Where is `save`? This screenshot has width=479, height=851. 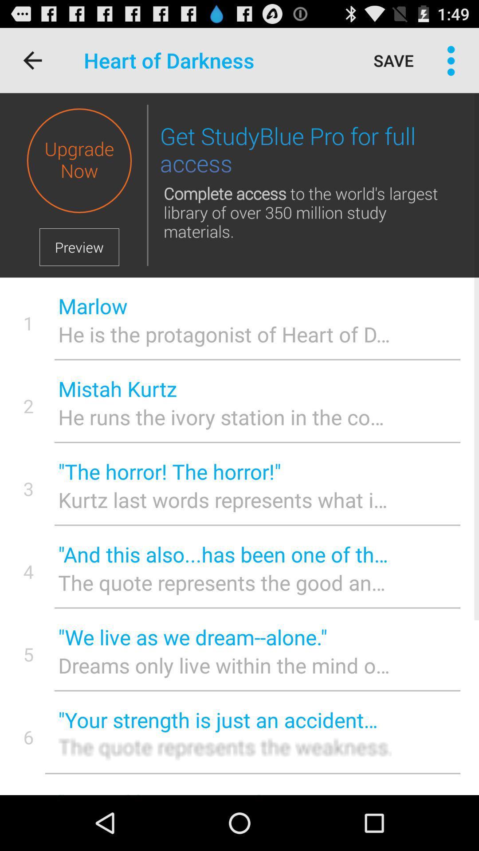
save is located at coordinates (393, 60).